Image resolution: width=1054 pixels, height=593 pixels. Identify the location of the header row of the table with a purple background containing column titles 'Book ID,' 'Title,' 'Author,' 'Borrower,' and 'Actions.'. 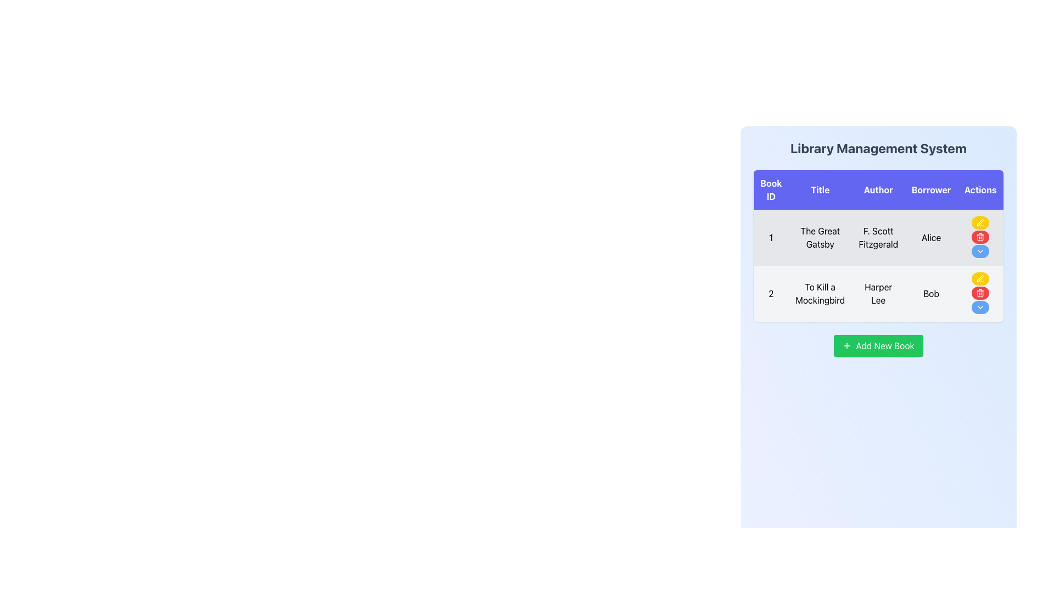
(878, 189).